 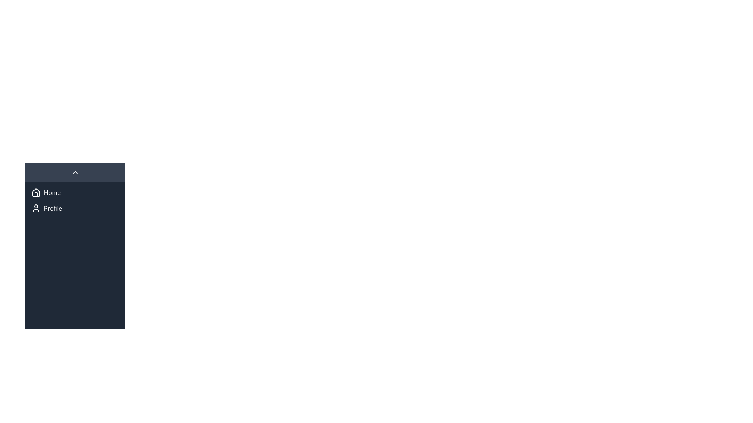 What do you see at coordinates (53, 208) in the screenshot?
I see `the 'Profile' text label, which is the second item in the vertical navigation list` at bounding box center [53, 208].